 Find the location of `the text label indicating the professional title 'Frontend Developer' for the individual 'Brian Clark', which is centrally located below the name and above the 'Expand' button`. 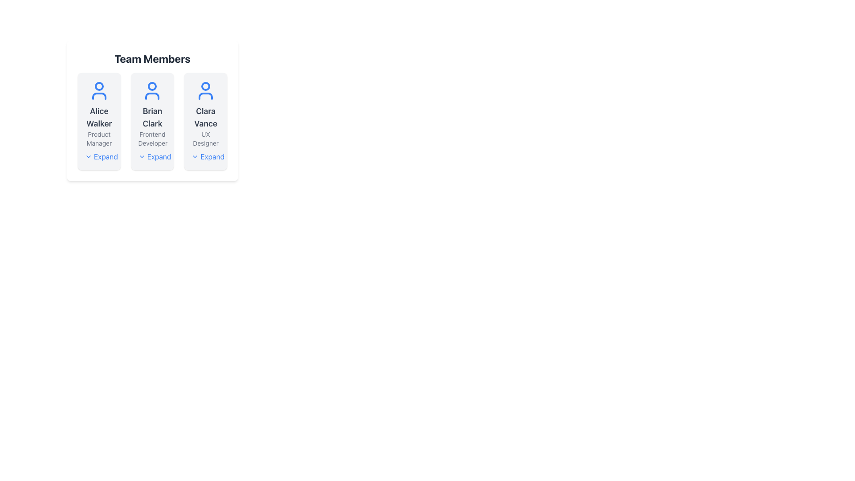

the text label indicating the professional title 'Frontend Developer' for the individual 'Brian Clark', which is centrally located below the name and above the 'Expand' button is located at coordinates (152, 139).